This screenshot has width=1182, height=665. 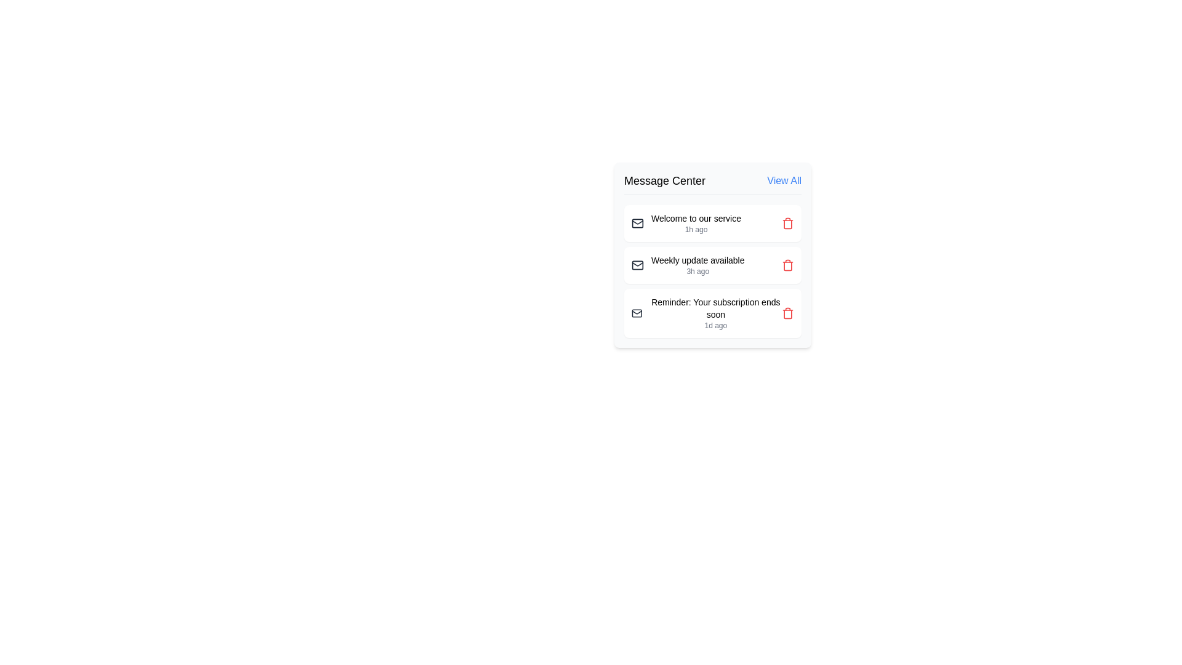 I want to click on the mail or message notification icon located to the left of the 'Weekly update available' notification entry in the vertical list of messages, so click(x=638, y=265).